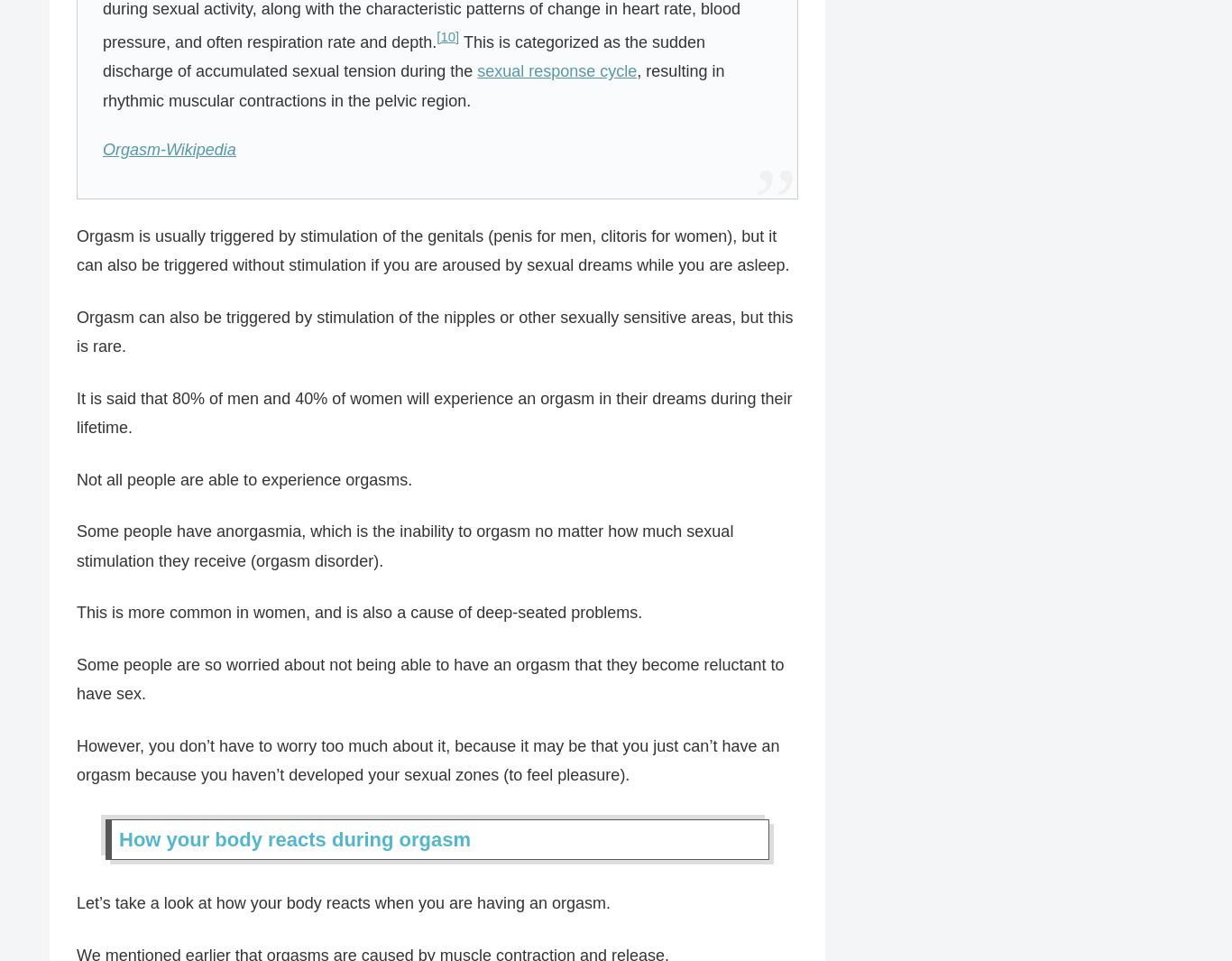 The width and height of the screenshot is (1232, 961). I want to click on 'How your body reacts during orgasm', so click(294, 838).